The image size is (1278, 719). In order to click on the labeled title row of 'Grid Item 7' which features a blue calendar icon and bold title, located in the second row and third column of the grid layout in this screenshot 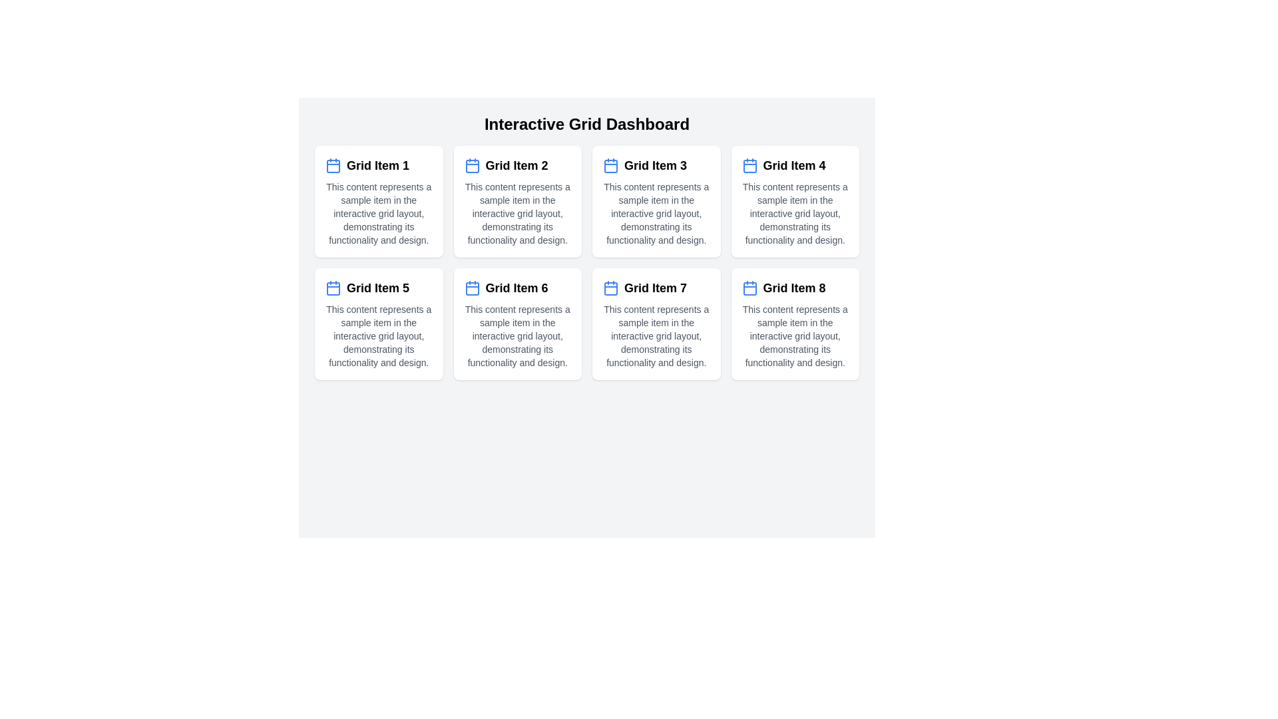, I will do `click(656, 287)`.